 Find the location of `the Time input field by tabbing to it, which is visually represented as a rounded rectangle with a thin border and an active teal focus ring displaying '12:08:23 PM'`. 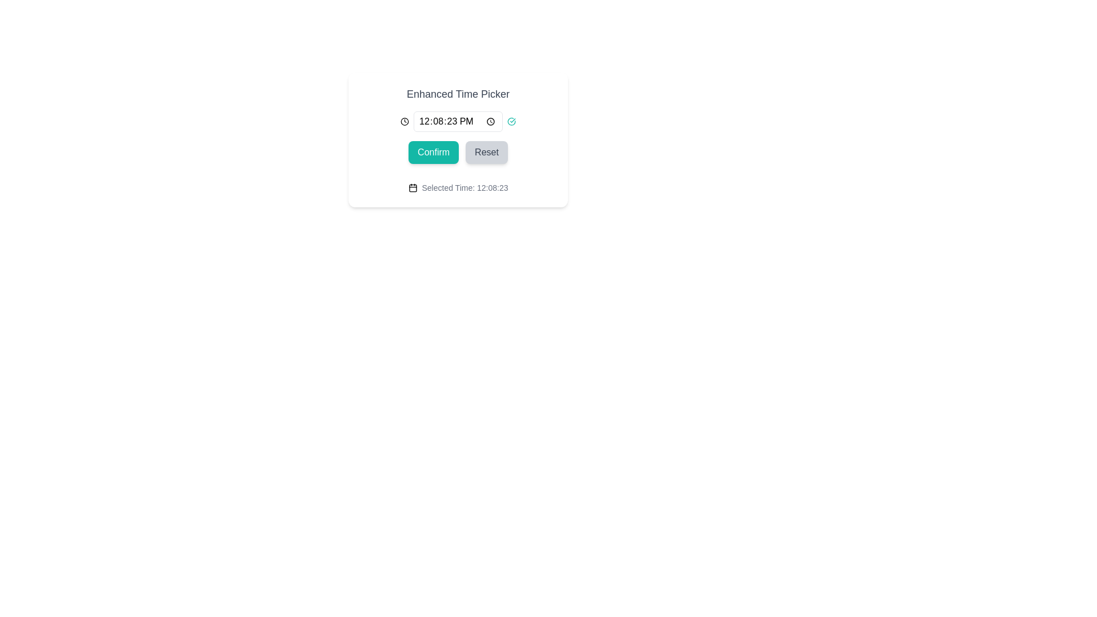

the Time input field by tabbing to it, which is visually represented as a rounded rectangle with a thin border and an active teal focus ring displaying '12:08:23 PM' is located at coordinates (458, 121).